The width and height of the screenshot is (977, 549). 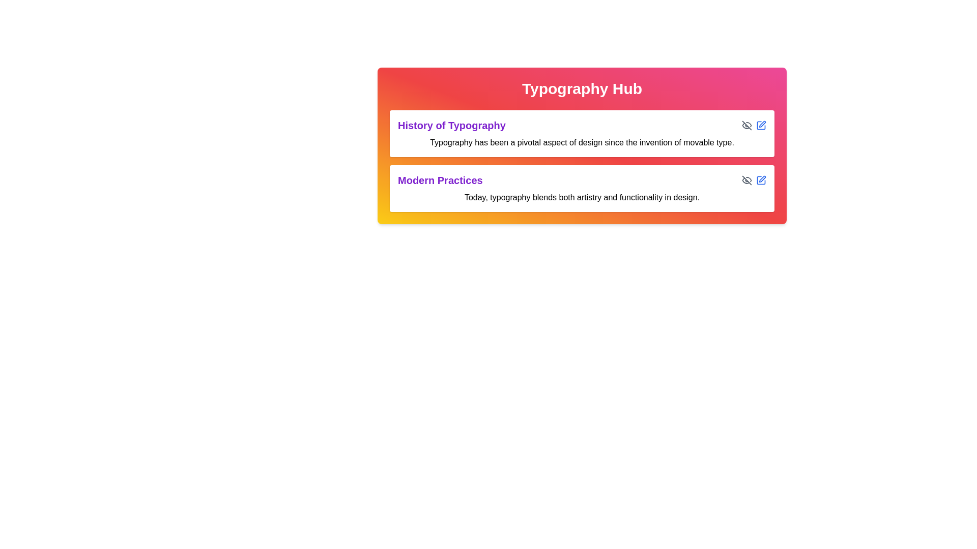 I want to click on the title text label that serves as a heading, positioned near the top-left section of the box, above the 'Modern Practices' label, so click(x=451, y=125).